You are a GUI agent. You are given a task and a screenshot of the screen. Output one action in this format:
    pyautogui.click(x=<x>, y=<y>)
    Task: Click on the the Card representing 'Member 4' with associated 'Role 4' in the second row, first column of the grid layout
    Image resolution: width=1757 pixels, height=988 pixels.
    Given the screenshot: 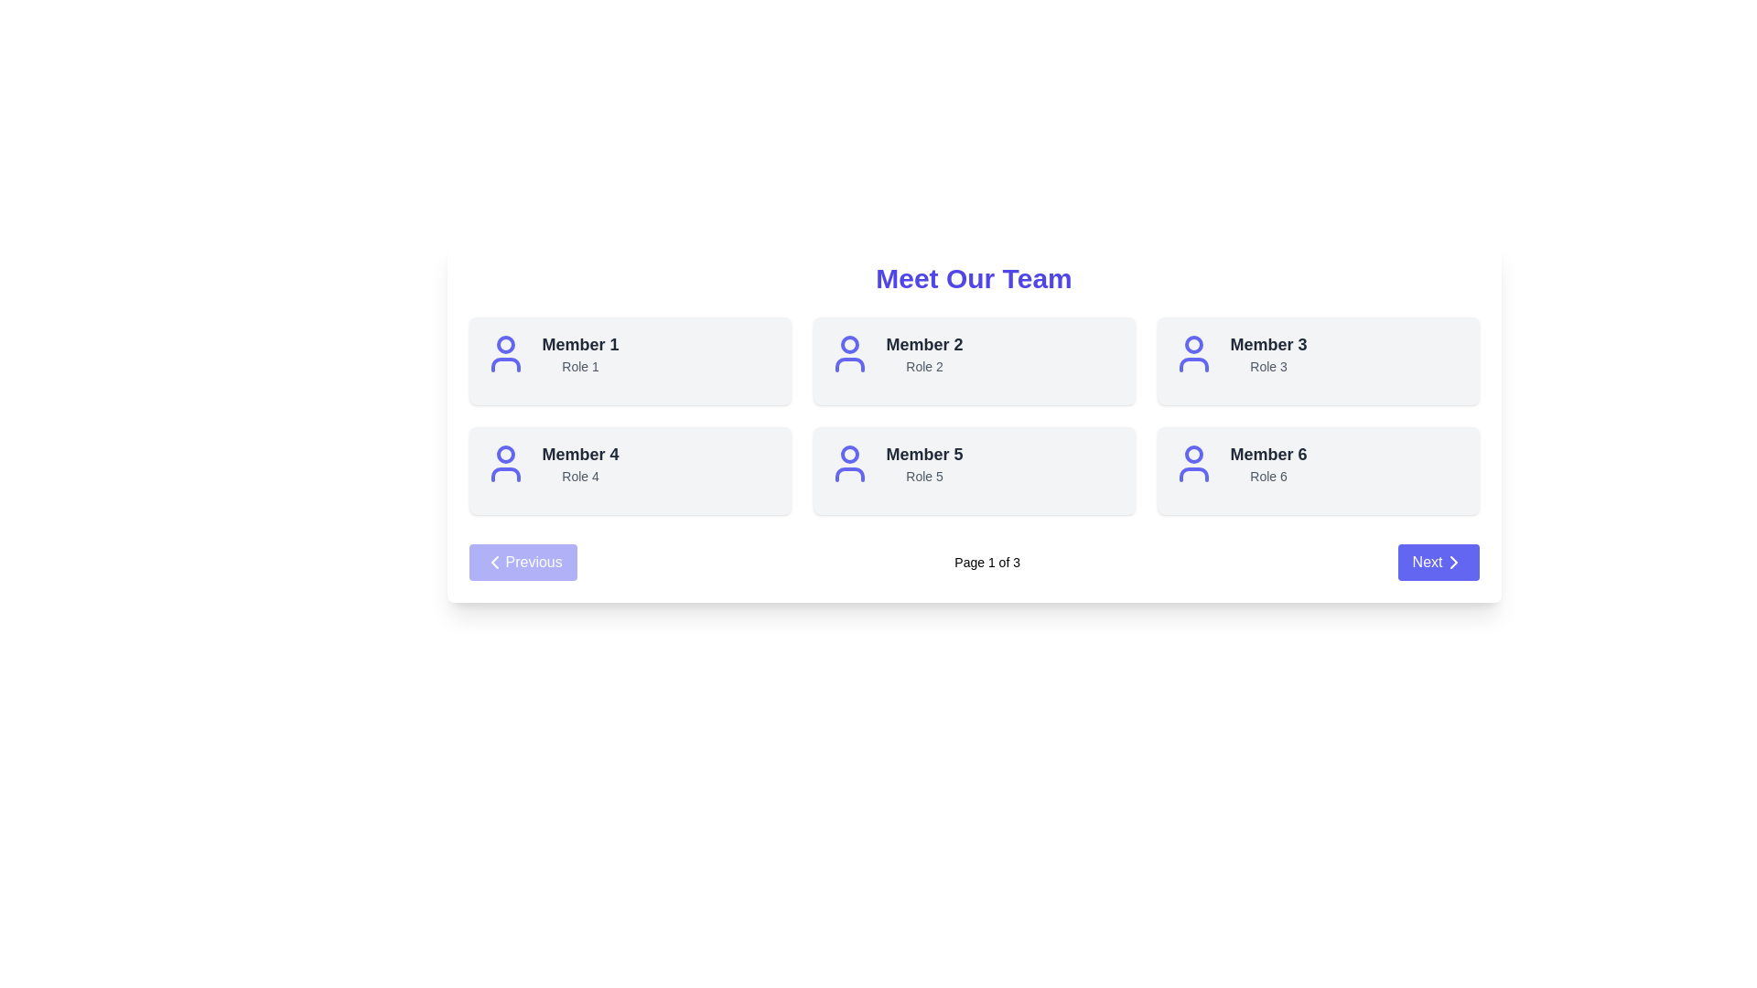 What is the action you would take?
    pyautogui.click(x=630, y=462)
    